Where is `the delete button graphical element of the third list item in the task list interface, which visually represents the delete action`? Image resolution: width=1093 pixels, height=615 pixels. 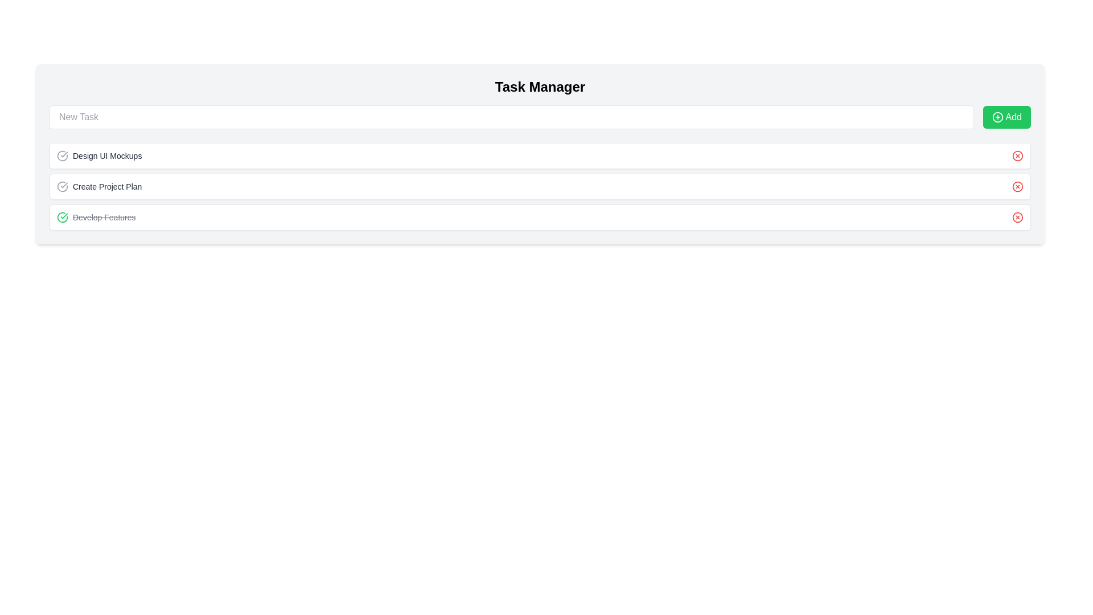 the delete button graphical element of the third list item in the task list interface, which visually represents the delete action is located at coordinates (1018, 186).